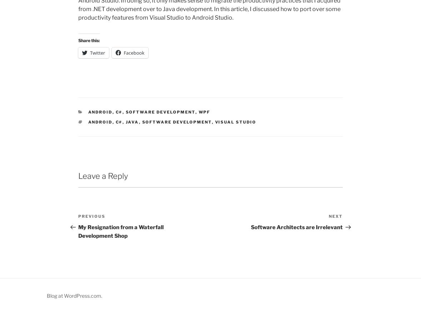 The image size is (421, 312). Describe the element at coordinates (198, 112) in the screenshot. I see `'WPF'` at that location.